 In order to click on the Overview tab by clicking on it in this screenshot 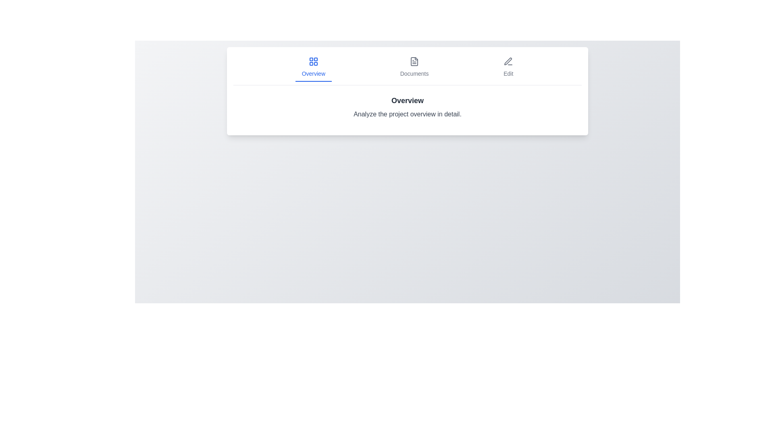, I will do `click(313, 67)`.